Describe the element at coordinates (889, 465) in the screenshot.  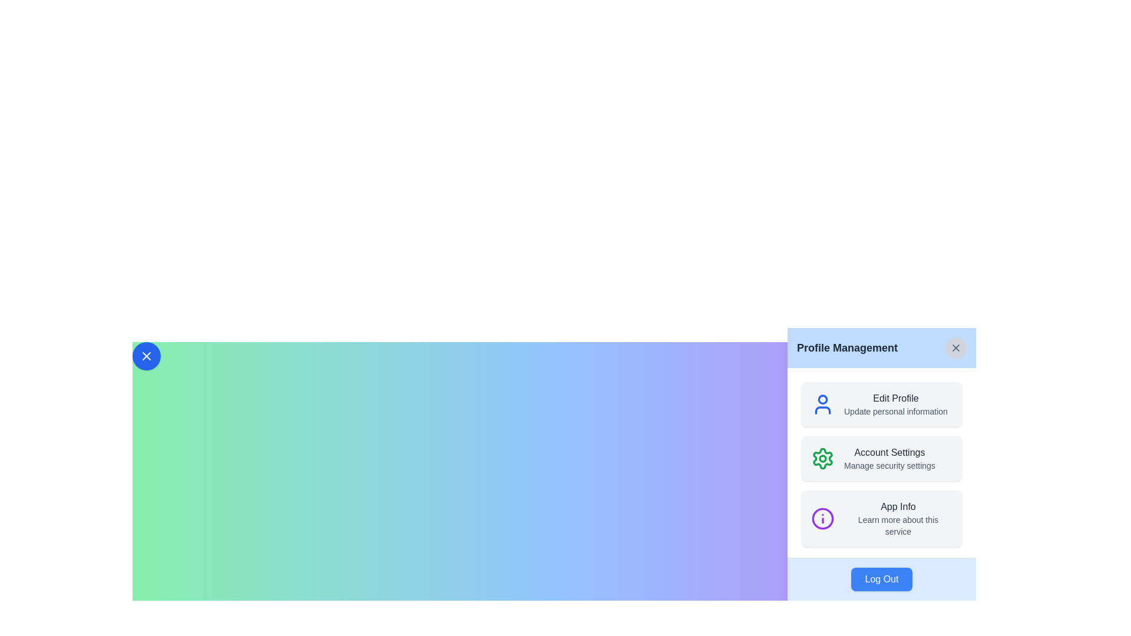
I see `the text label 'Manage security settings' located beneath the 'Account Settings' in the 'Profile Management' section` at that location.